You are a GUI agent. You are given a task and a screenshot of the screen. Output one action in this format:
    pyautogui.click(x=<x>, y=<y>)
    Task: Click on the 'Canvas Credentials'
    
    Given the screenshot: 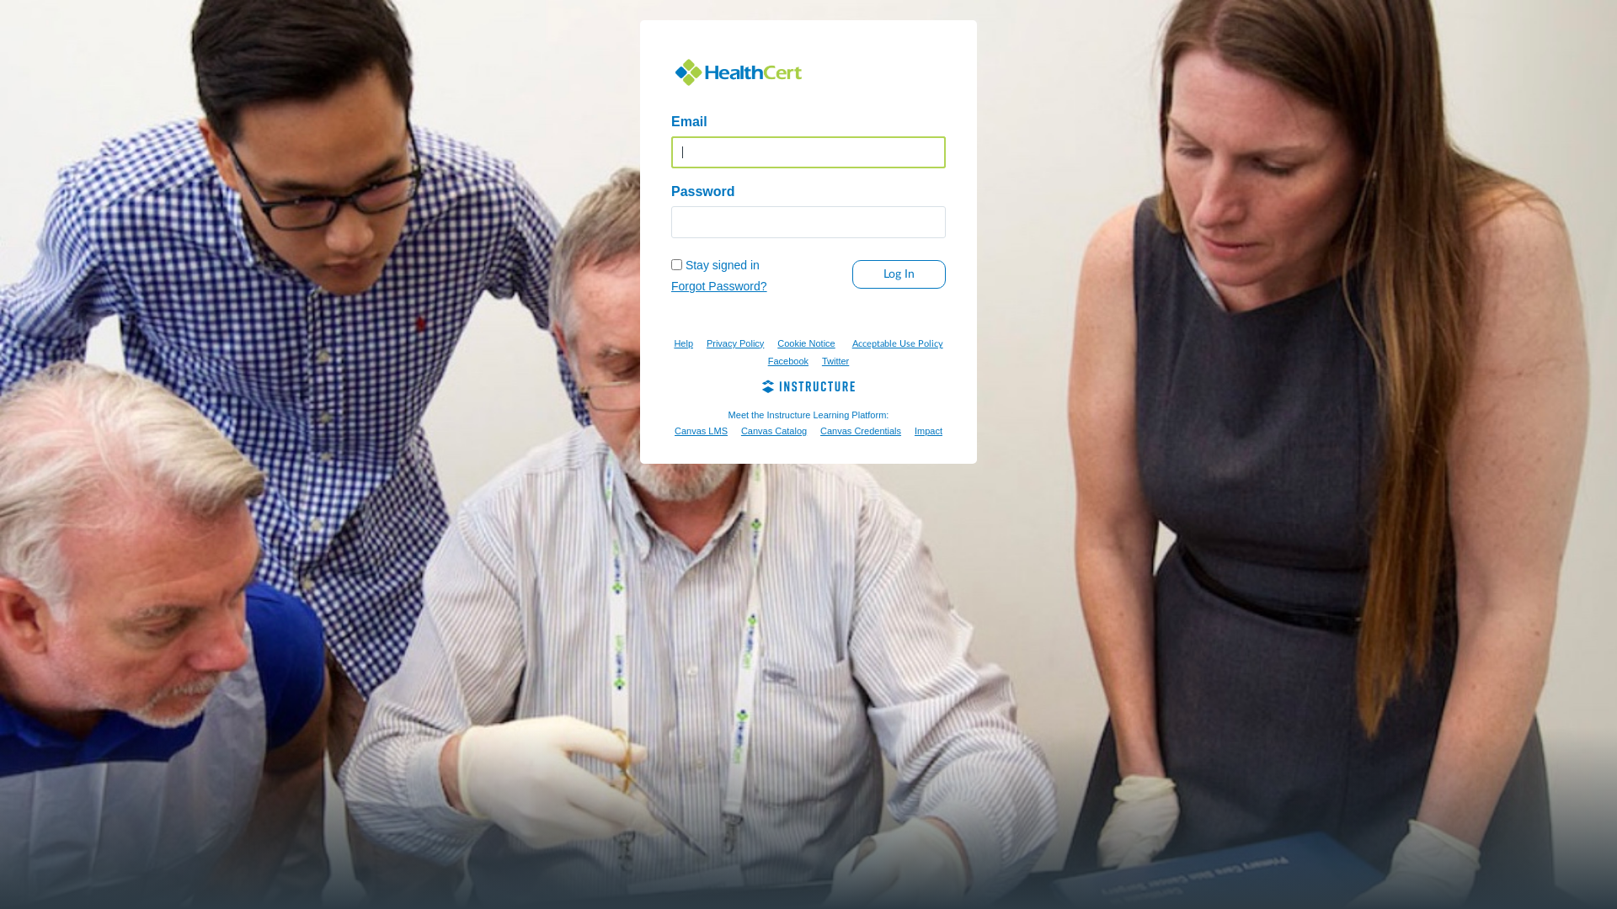 What is the action you would take?
    pyautogui.click(x=861, y=430)
    